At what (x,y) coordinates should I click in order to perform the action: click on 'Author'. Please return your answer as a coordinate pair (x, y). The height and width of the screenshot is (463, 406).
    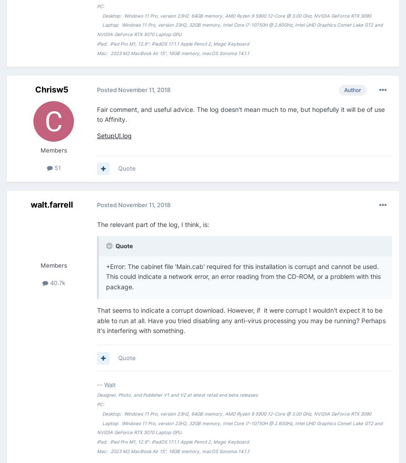
    Looking at the image, I should click on (352, 89).